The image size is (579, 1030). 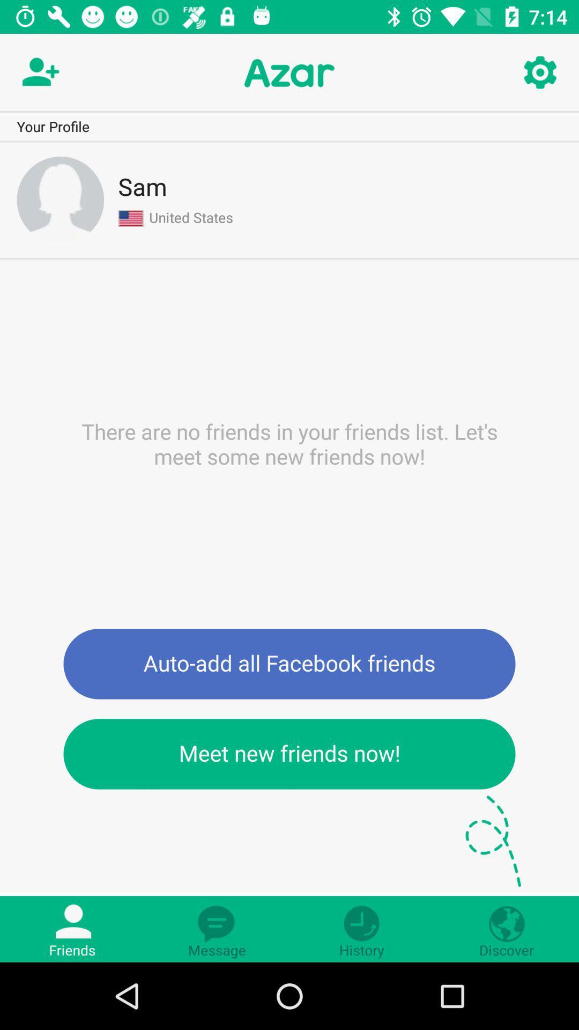 What do you see at coordinates (39, 72) in the screenshot?
I see `new contac` at bounding box center [39, 72].